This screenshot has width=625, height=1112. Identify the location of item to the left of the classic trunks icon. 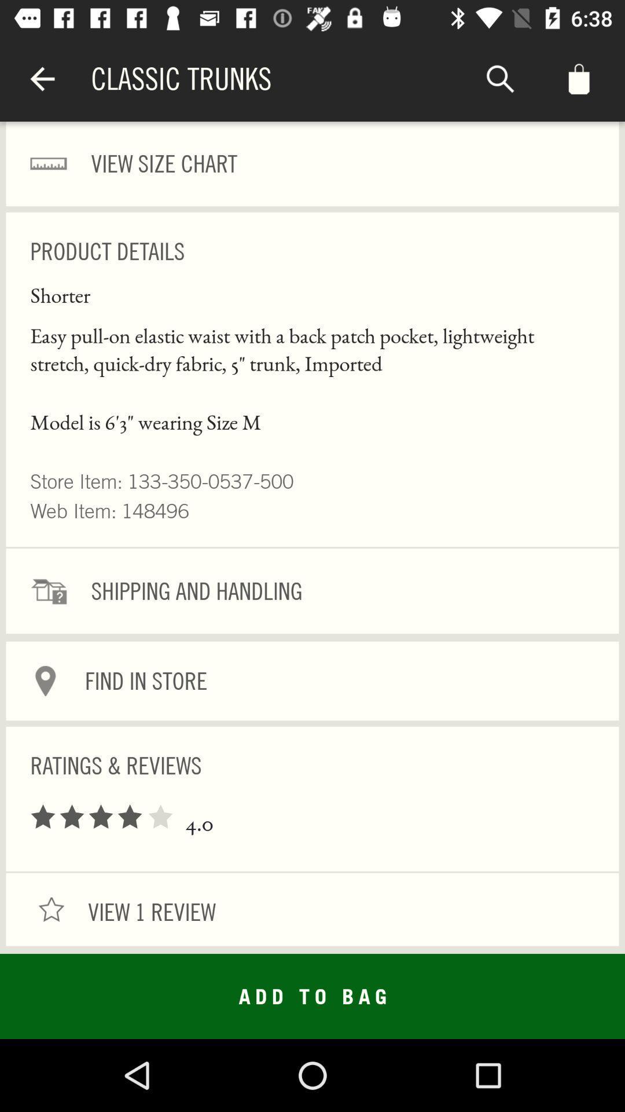
(42, 78).